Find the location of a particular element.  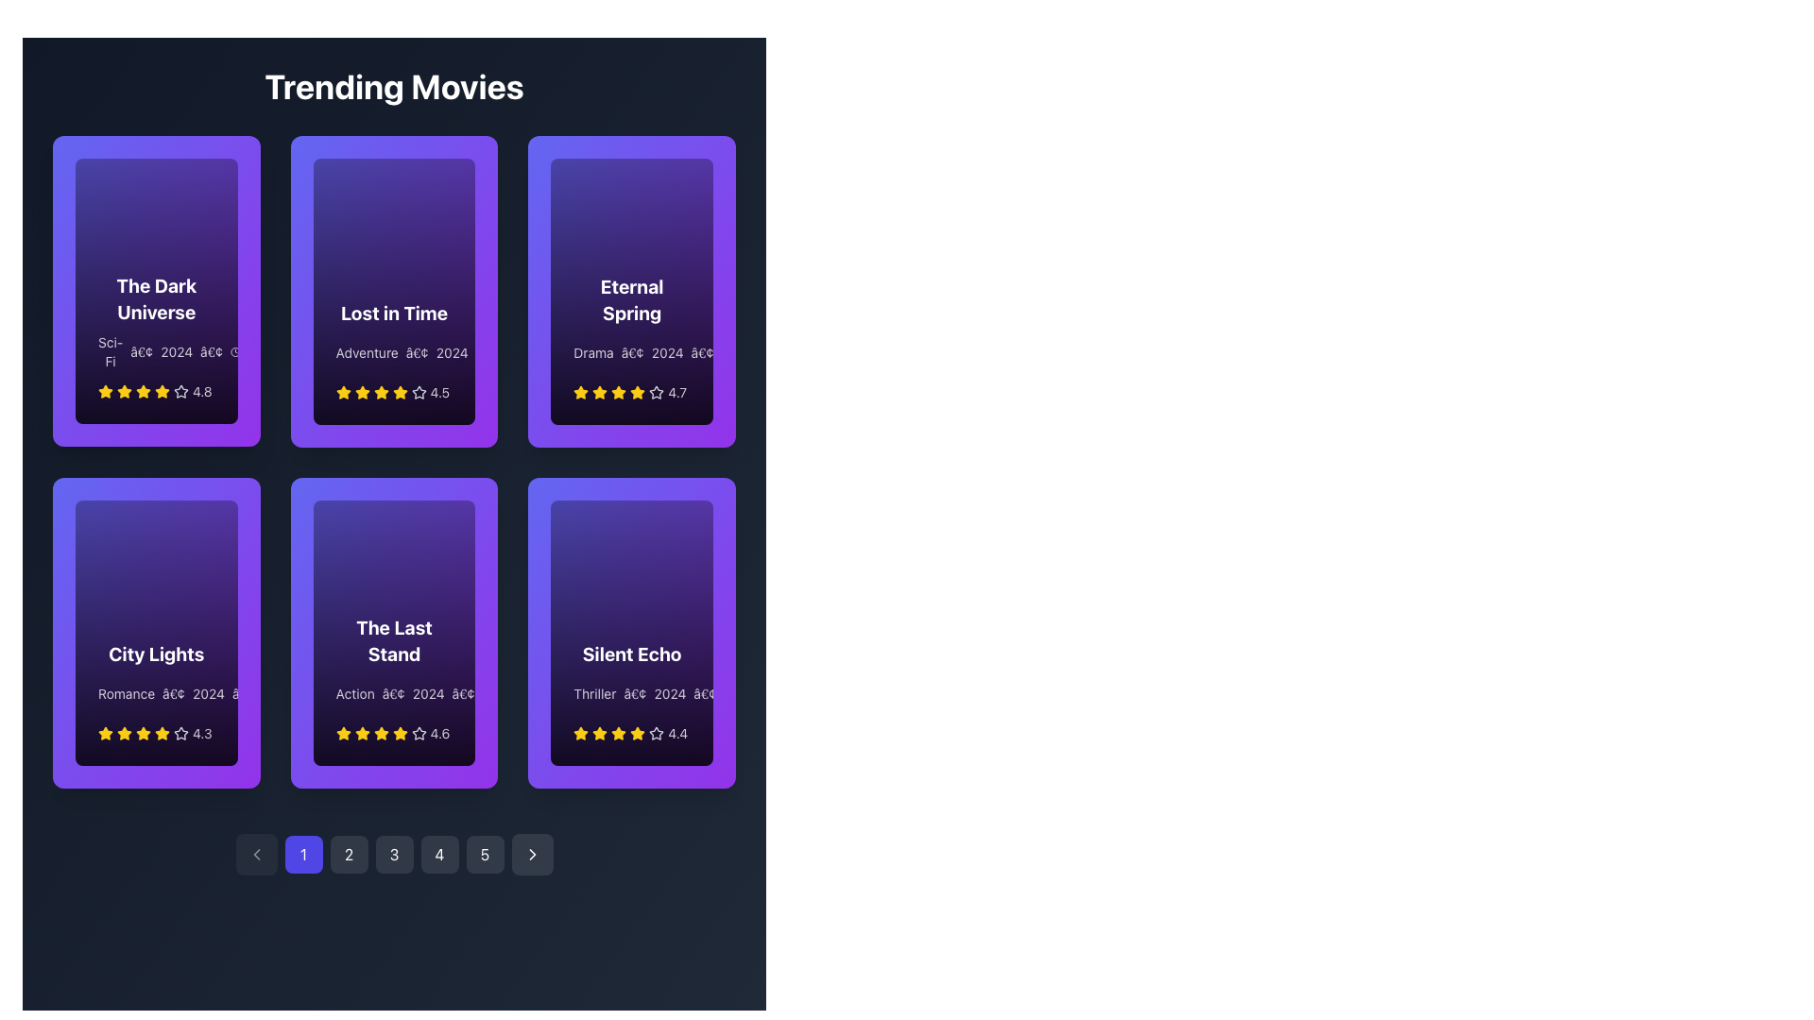

the fourth star-shaped icon in the rating section of the 'City Lights' card located in the second row under the 'Trending Movies' section is located at coordinates (181, 732).